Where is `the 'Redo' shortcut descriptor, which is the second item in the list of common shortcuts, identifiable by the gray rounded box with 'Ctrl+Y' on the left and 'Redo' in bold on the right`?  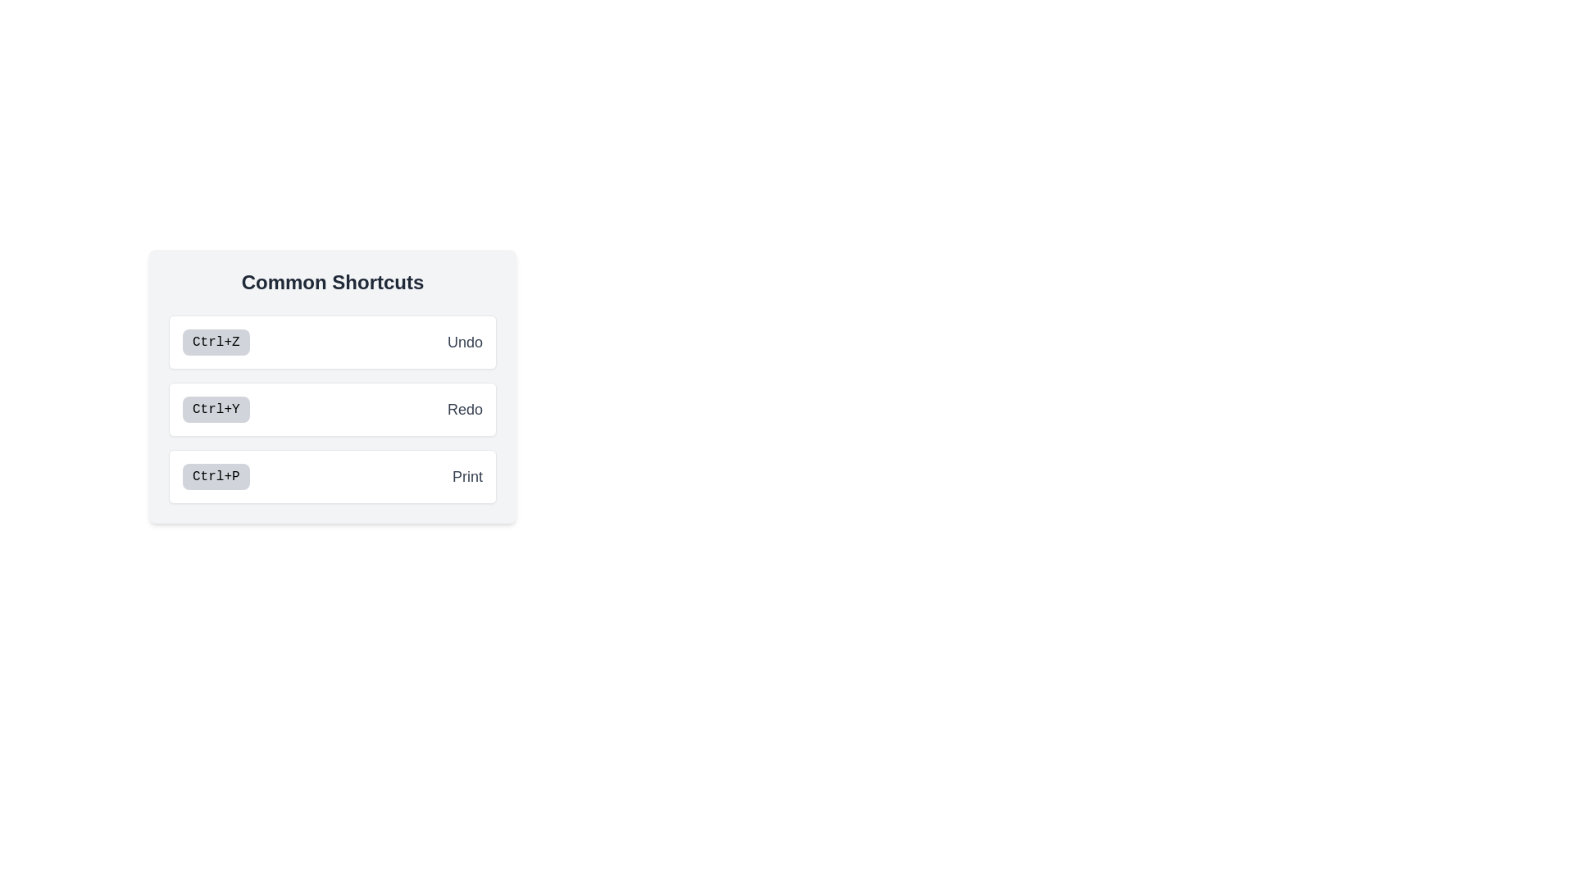
the 'Redo' shortcut descriptor, which is the second item in the list of common shortcuts, identifiable by the gray rounded box with 'Ctrl+Y' on the left and 'Redo' in bold on the right is located at coordinates (332, 409).